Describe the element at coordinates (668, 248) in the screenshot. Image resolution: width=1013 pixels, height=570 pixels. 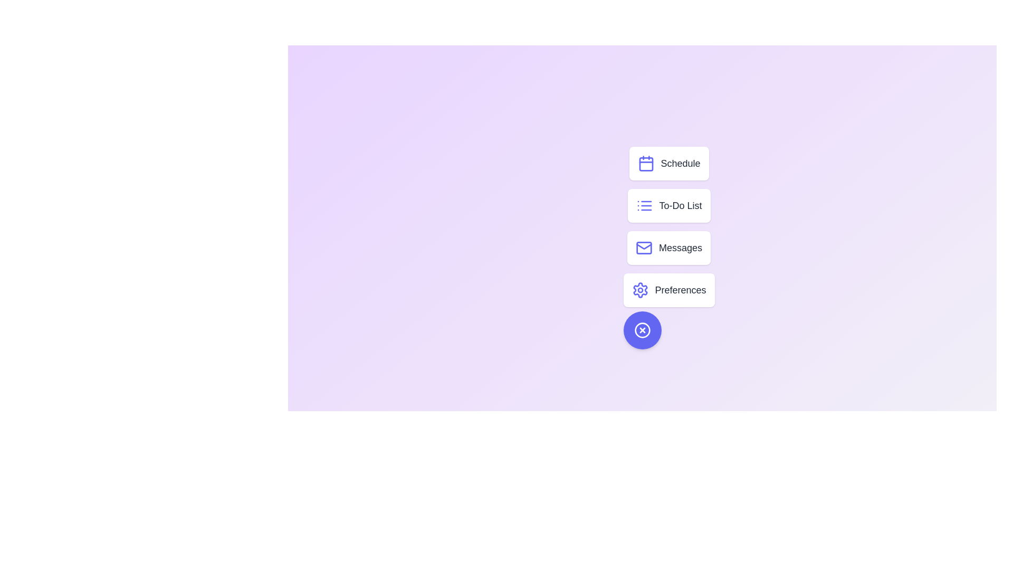
I see `the menu item labeled Messages` at that location.